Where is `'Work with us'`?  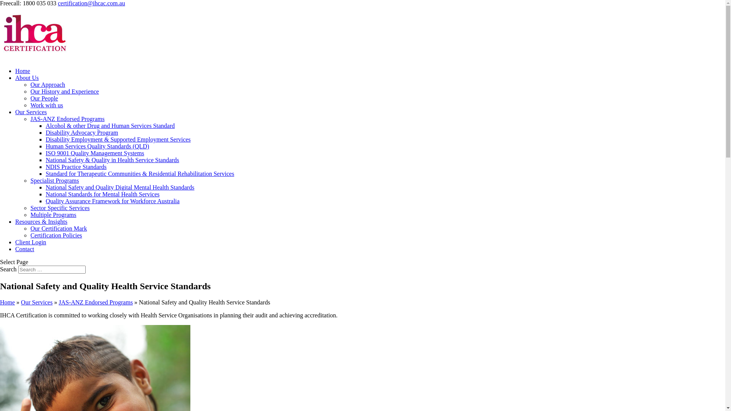
'Work with us' is located at coordinates (46, 105).